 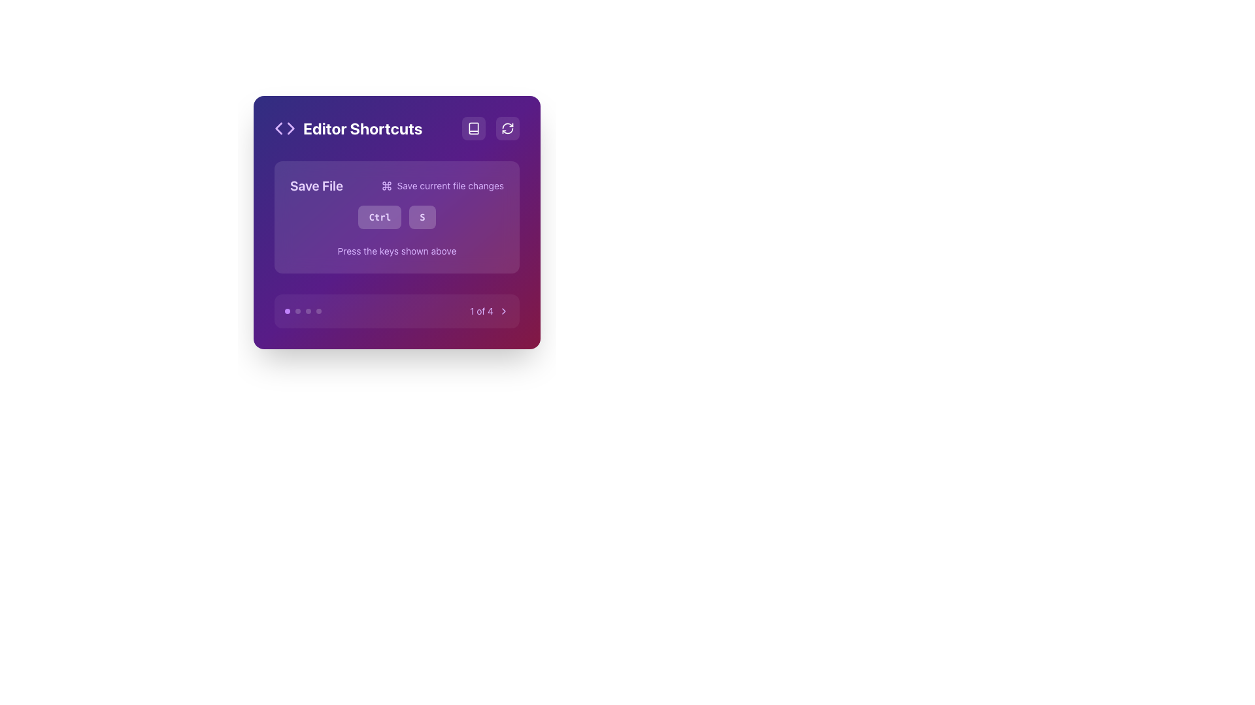 What do you see at coordinates (507, 128) in the screenshot?
I see `the small circular icon button with a curved arrow symbol, located in the top right corner of the 'Editor Shortcuts' modal` at bounding box center [507, 128].